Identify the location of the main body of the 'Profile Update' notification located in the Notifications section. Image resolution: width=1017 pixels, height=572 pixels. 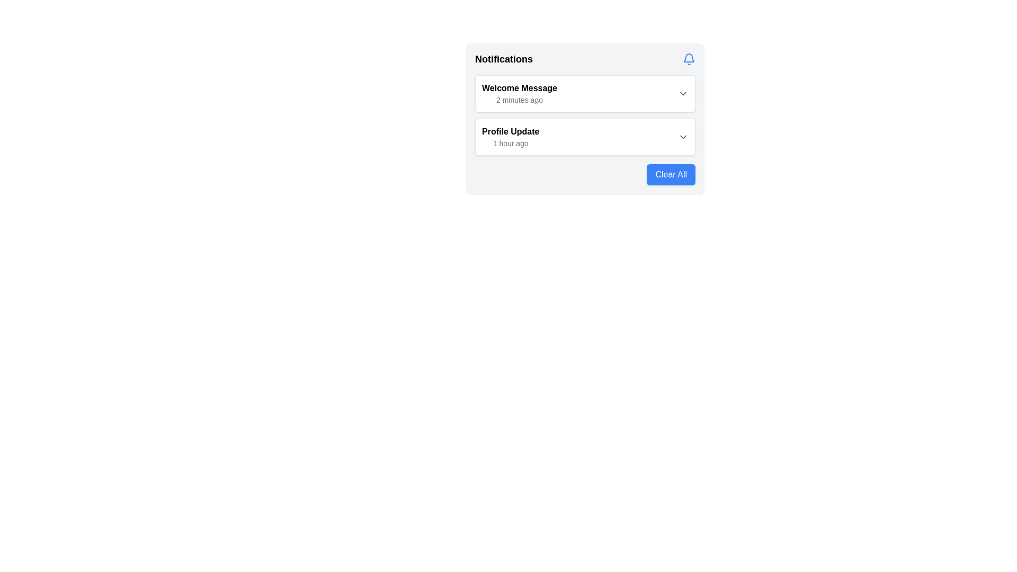
(584, 136).